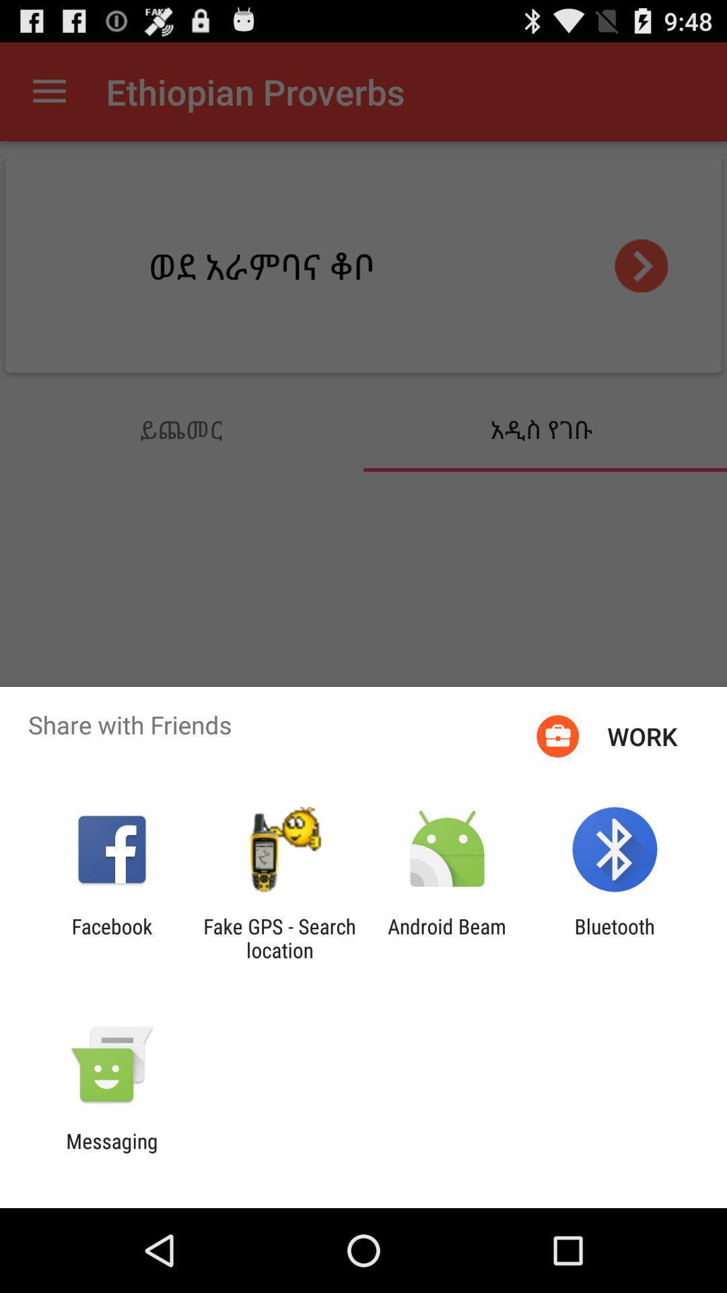 This screenshot has height=1293, width=727. Describe the element at coordinates (111, 937) in the screenshot. I see `icon to the left of the fake gps search icon` at that location.